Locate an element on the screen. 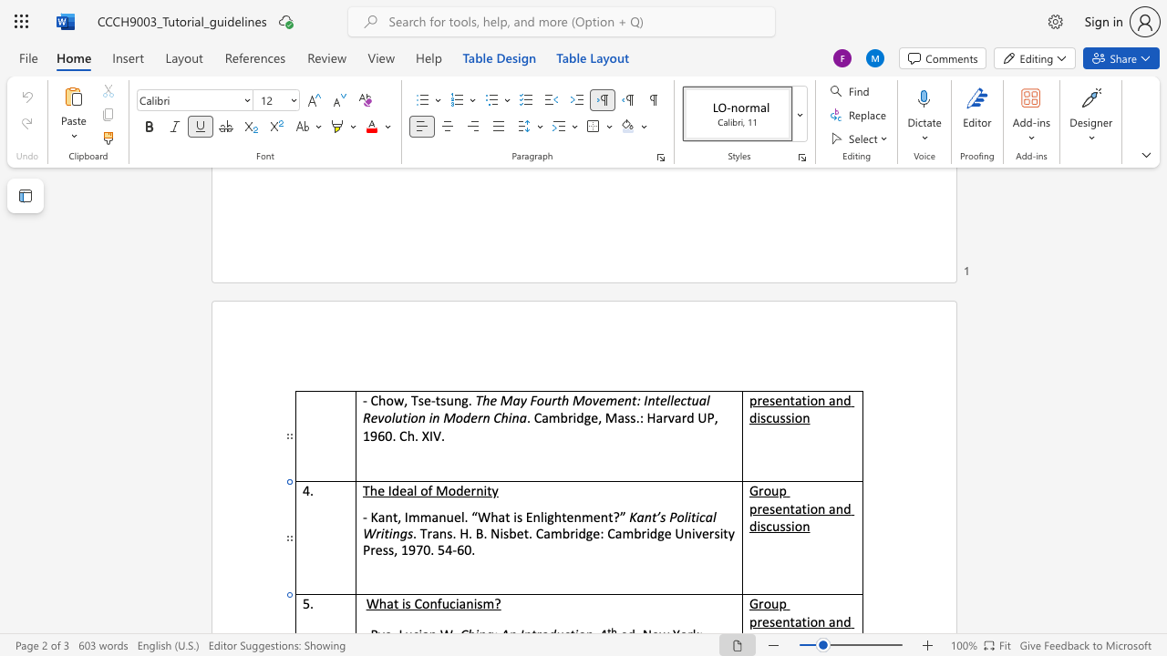  the 2th character "n" in the text is located at coordinates (395, 533).